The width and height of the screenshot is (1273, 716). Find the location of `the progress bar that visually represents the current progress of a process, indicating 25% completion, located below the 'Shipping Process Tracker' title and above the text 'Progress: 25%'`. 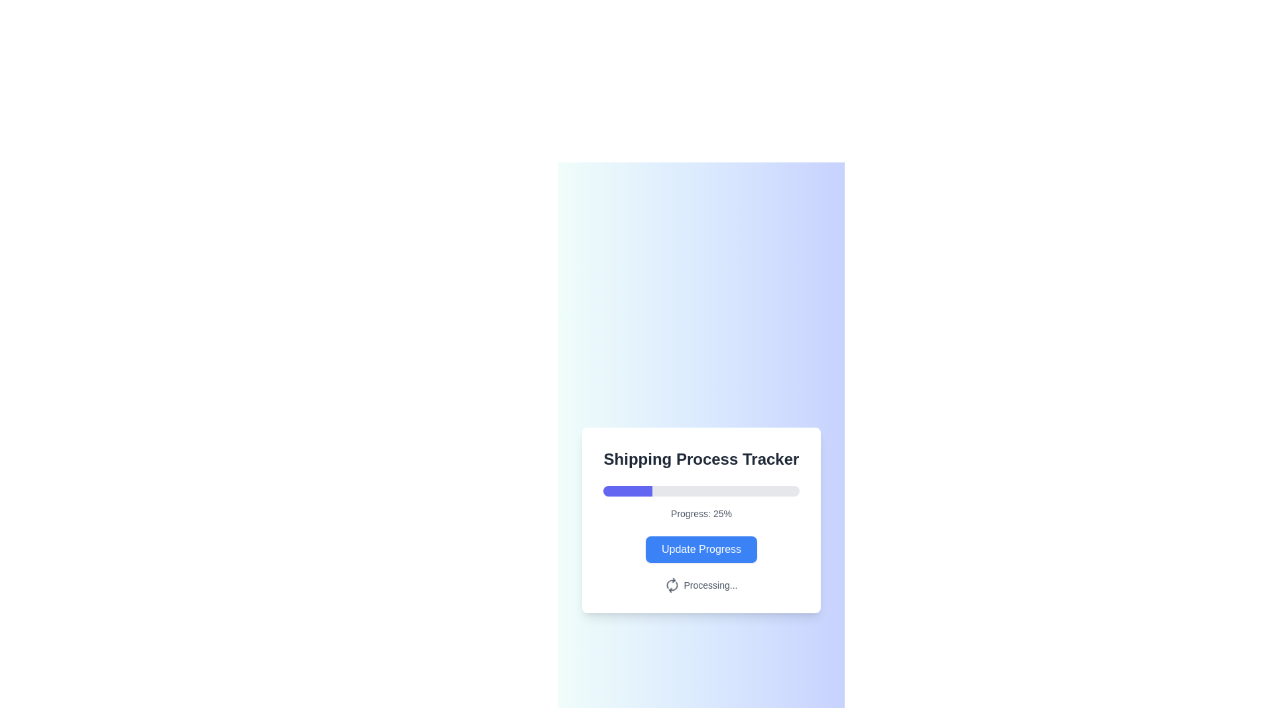

the progress bar that visually represents the current progress of a process, indicating 25% completion, located below the 'Shipping Process Tracker' title and above the text 'Progress: 25%' is located at coordinates (700, 491).